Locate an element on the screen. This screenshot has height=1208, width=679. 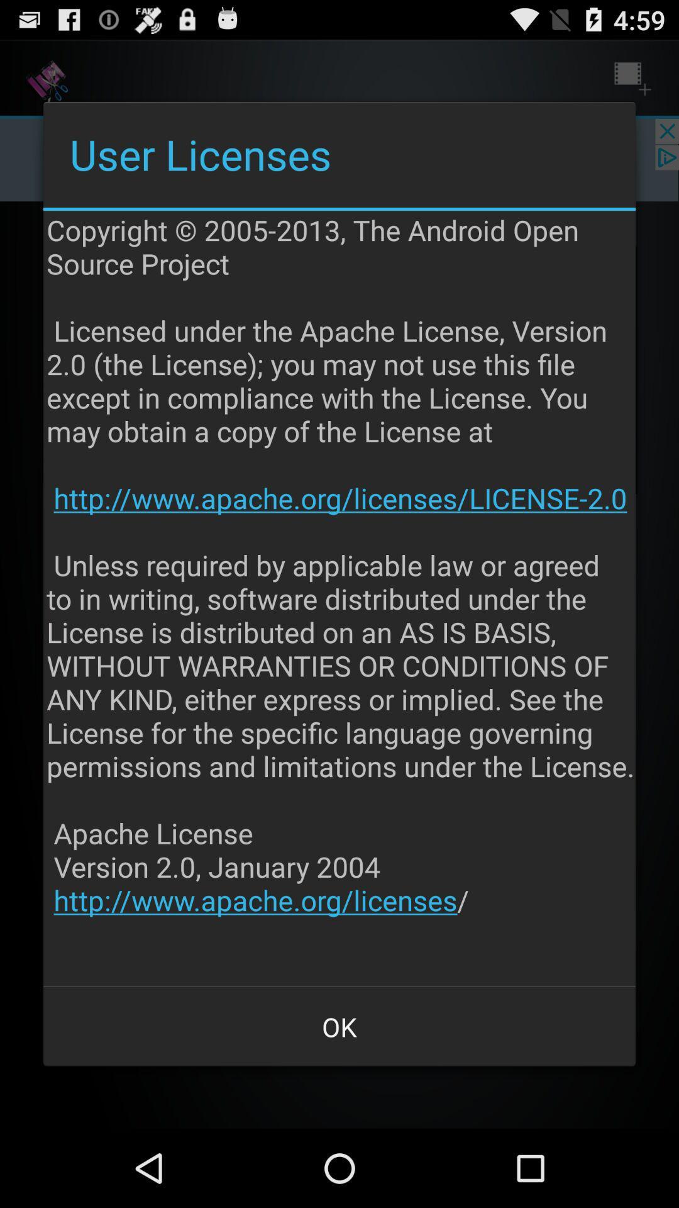
ok is located at coordinates (339, 1027).